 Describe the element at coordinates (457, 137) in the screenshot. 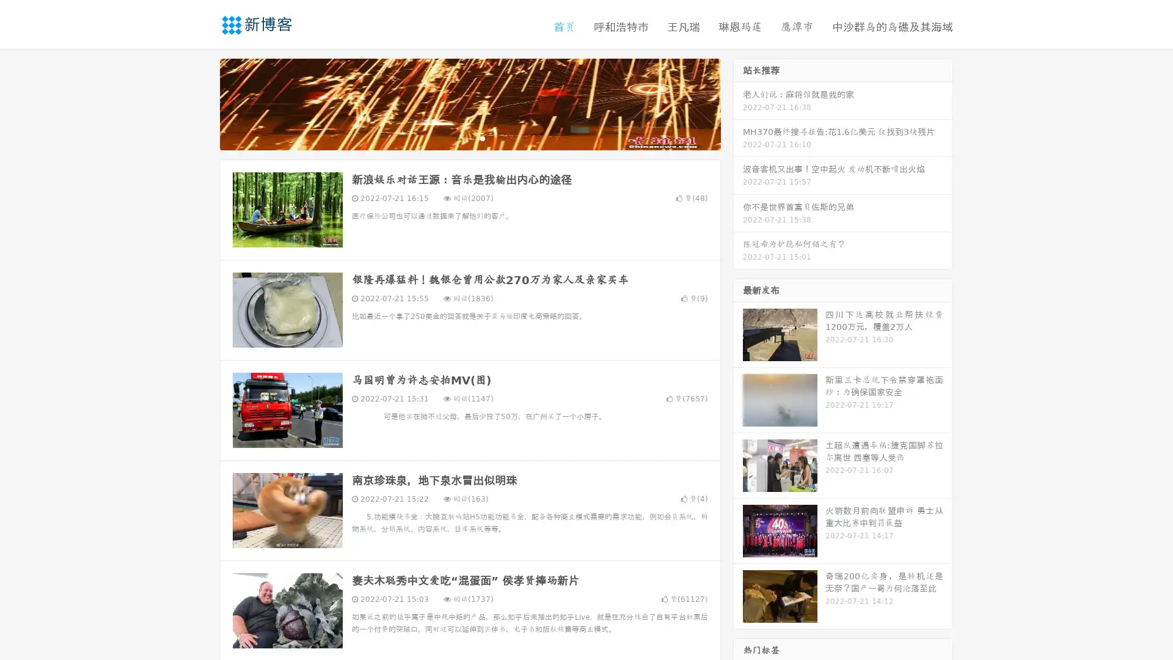

I see `Go to slide 1` at that location.